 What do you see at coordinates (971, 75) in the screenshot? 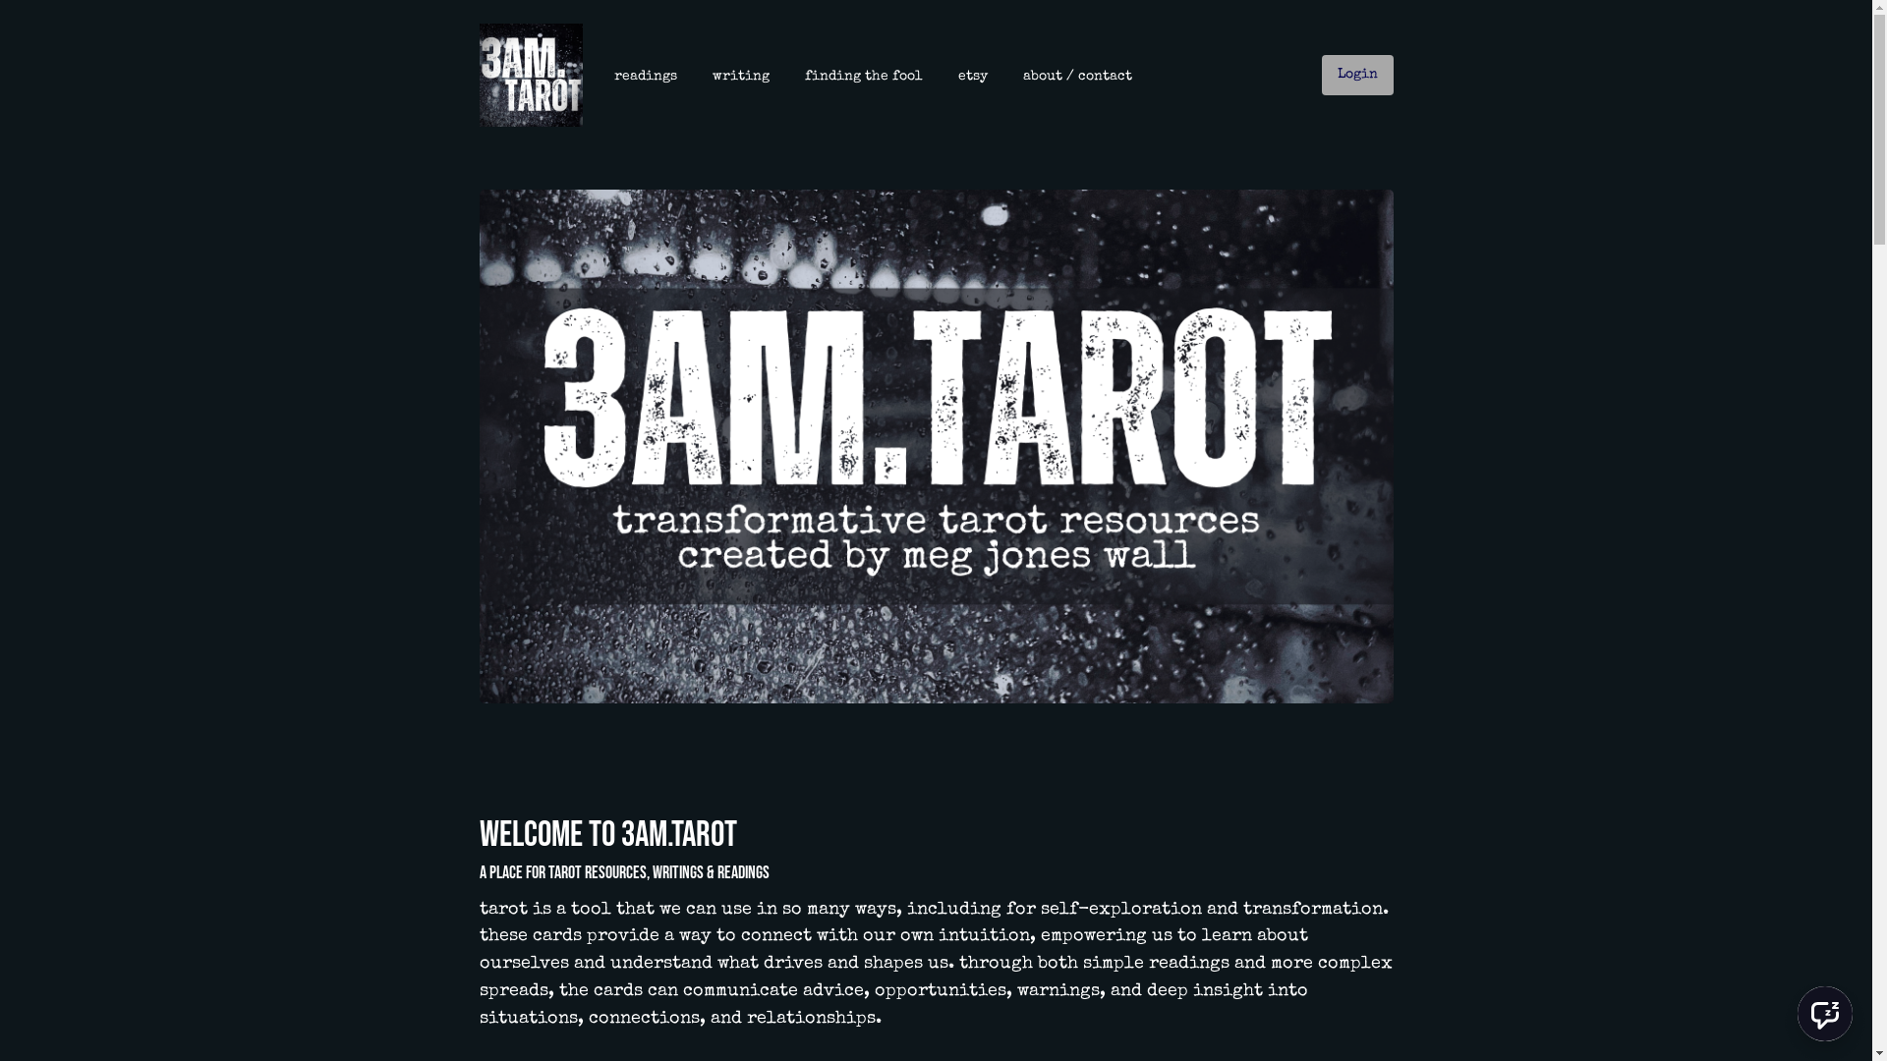
I see `'etsy'` at bounding box center [971, 75].